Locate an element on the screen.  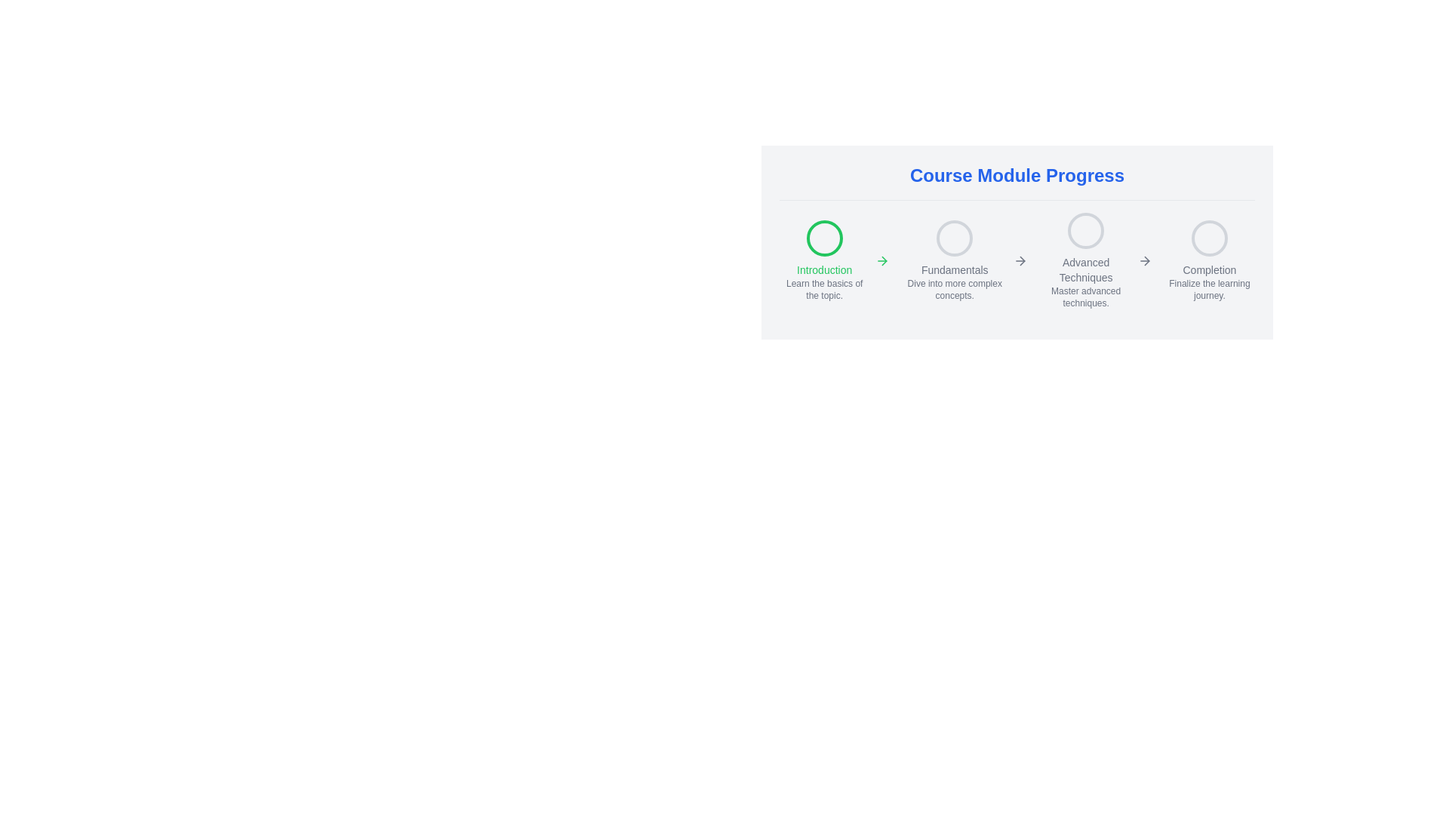
the inactive Interactive step indicator for 'Advanced Techniques' in the progression tracker is located at coordinates (1096, 260).